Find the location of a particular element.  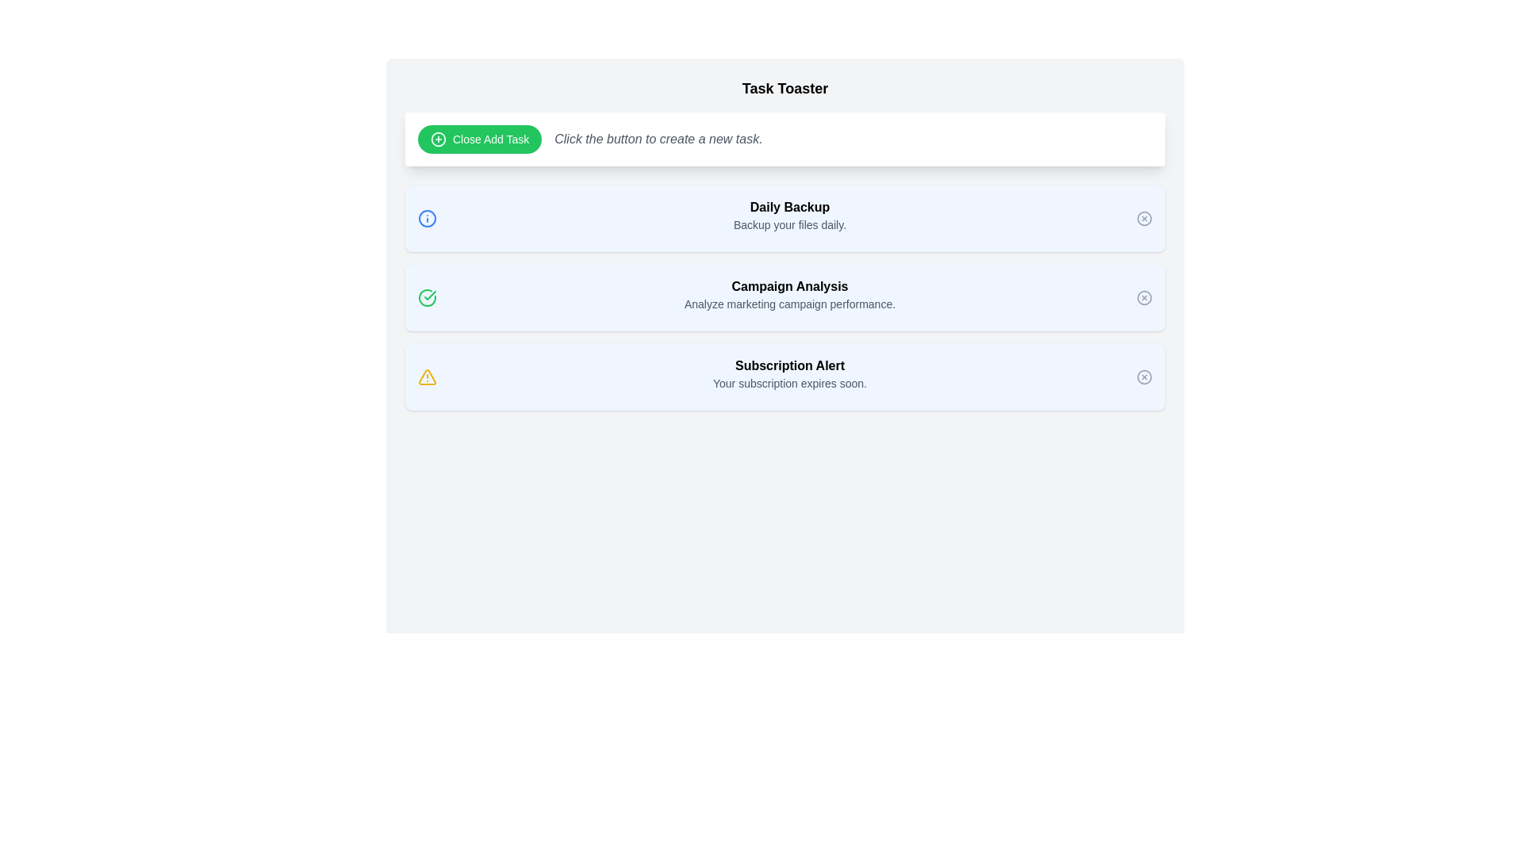

the green circular icon with a checkmark that is the first element in the 'Campaign Analysis' row is located at coordinates (427, 297).